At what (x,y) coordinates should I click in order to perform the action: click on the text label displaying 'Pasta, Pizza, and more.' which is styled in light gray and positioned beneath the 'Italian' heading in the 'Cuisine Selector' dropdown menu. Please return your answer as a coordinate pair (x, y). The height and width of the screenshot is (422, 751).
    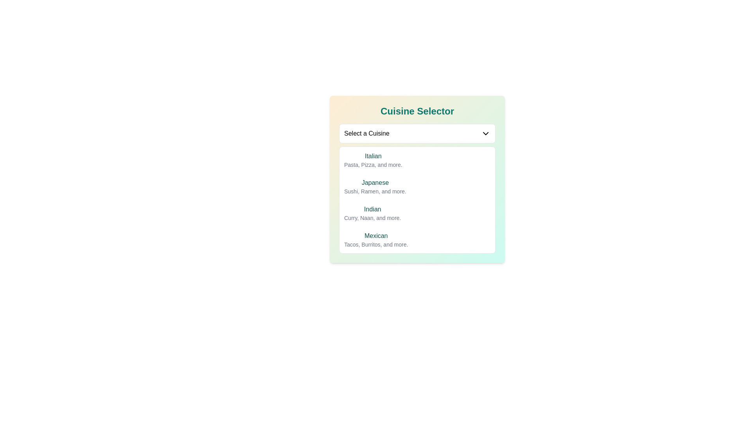
    Looking at the image, I should click on (373, 164).